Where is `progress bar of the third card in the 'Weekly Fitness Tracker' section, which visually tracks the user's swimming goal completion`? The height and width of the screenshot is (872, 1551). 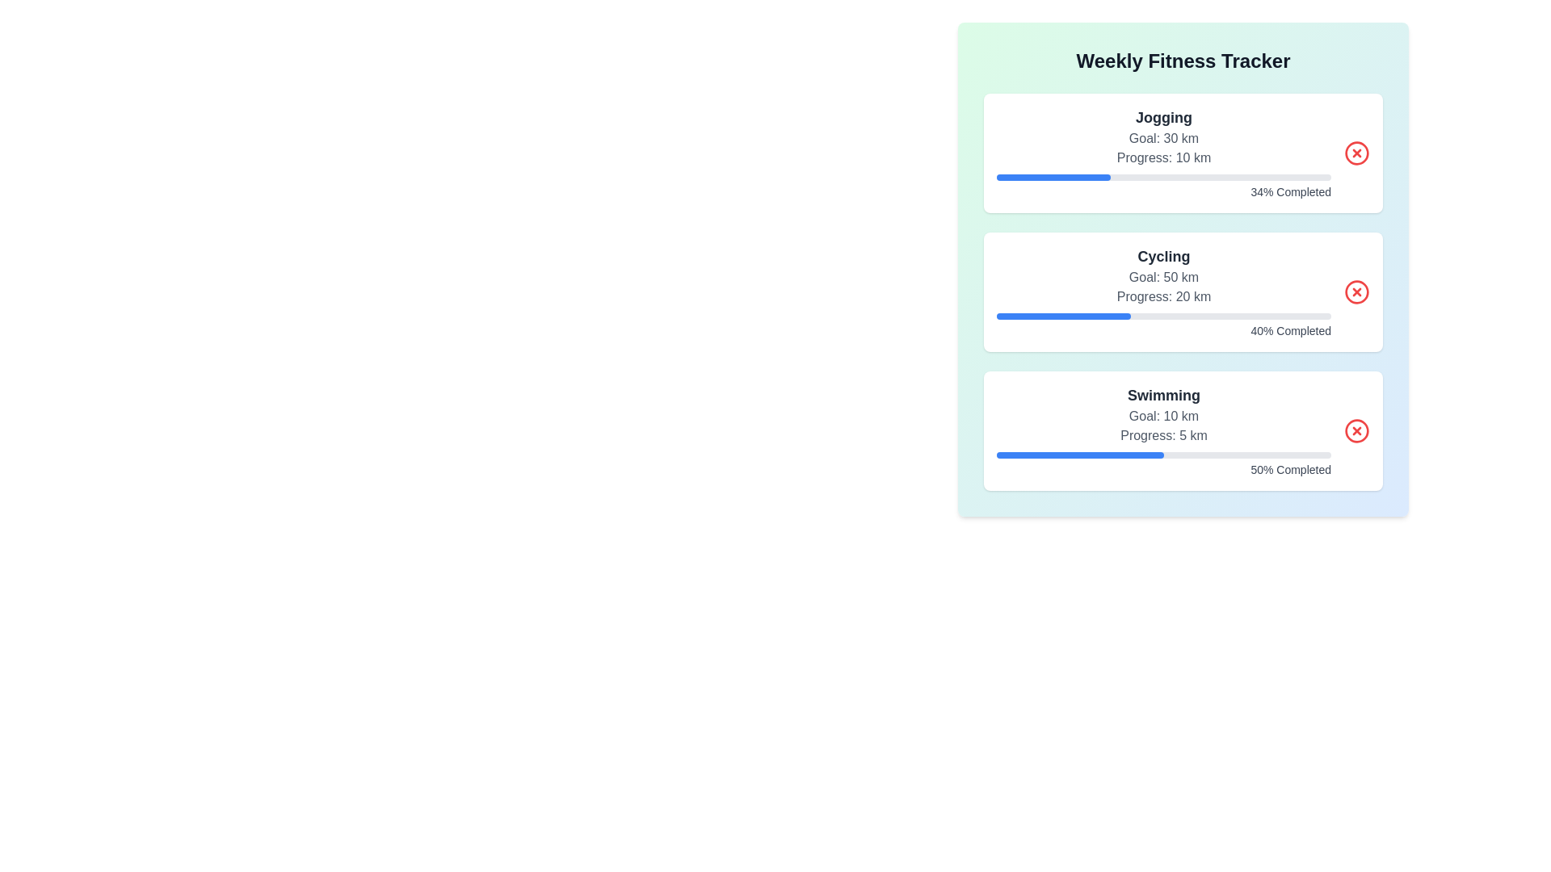
progress bar of the third card in the 'Weekly Fitness Tracker' section, which visually tracks the user's swimming goal completion is located at coordinates (1183, 430).